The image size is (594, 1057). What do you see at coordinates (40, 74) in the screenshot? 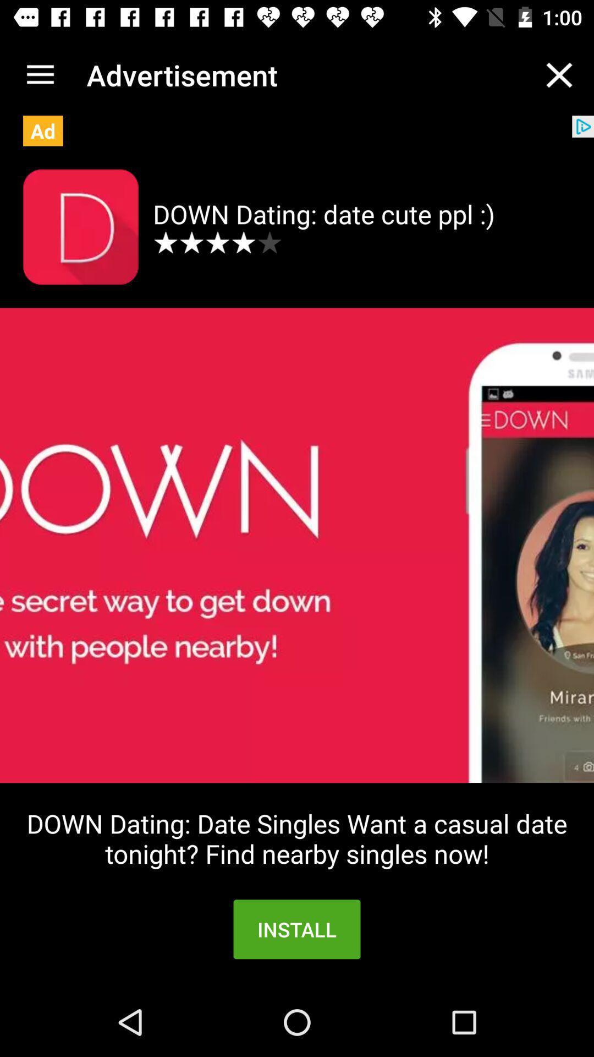
I see `the icon next to the advertisement icon` at bounding box center [40, 74].